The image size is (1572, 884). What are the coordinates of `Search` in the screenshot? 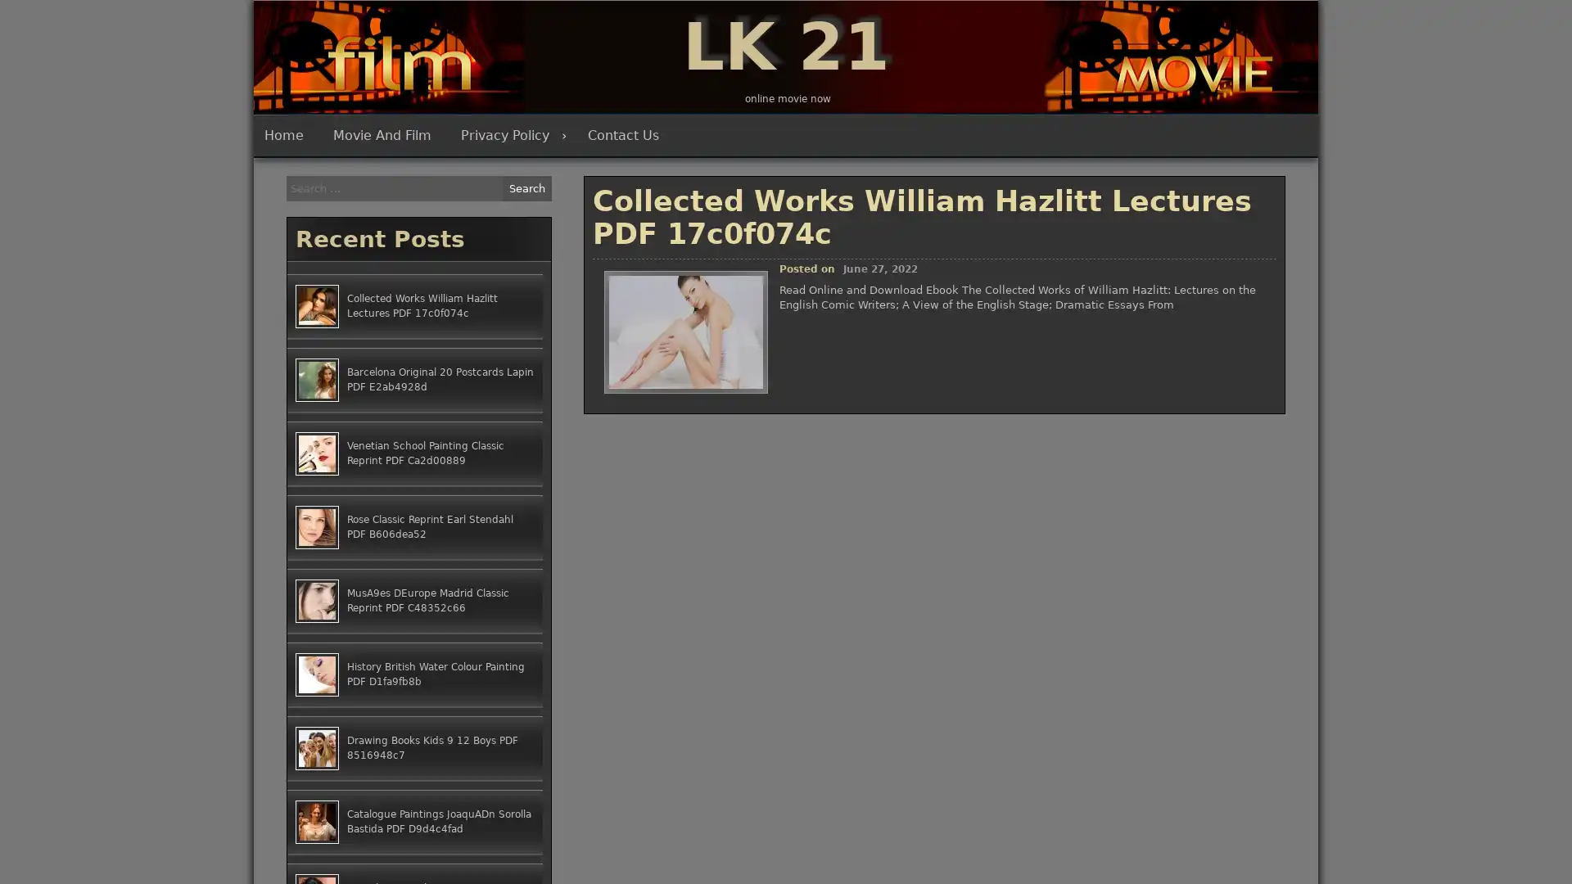 It's located at (526, 187).